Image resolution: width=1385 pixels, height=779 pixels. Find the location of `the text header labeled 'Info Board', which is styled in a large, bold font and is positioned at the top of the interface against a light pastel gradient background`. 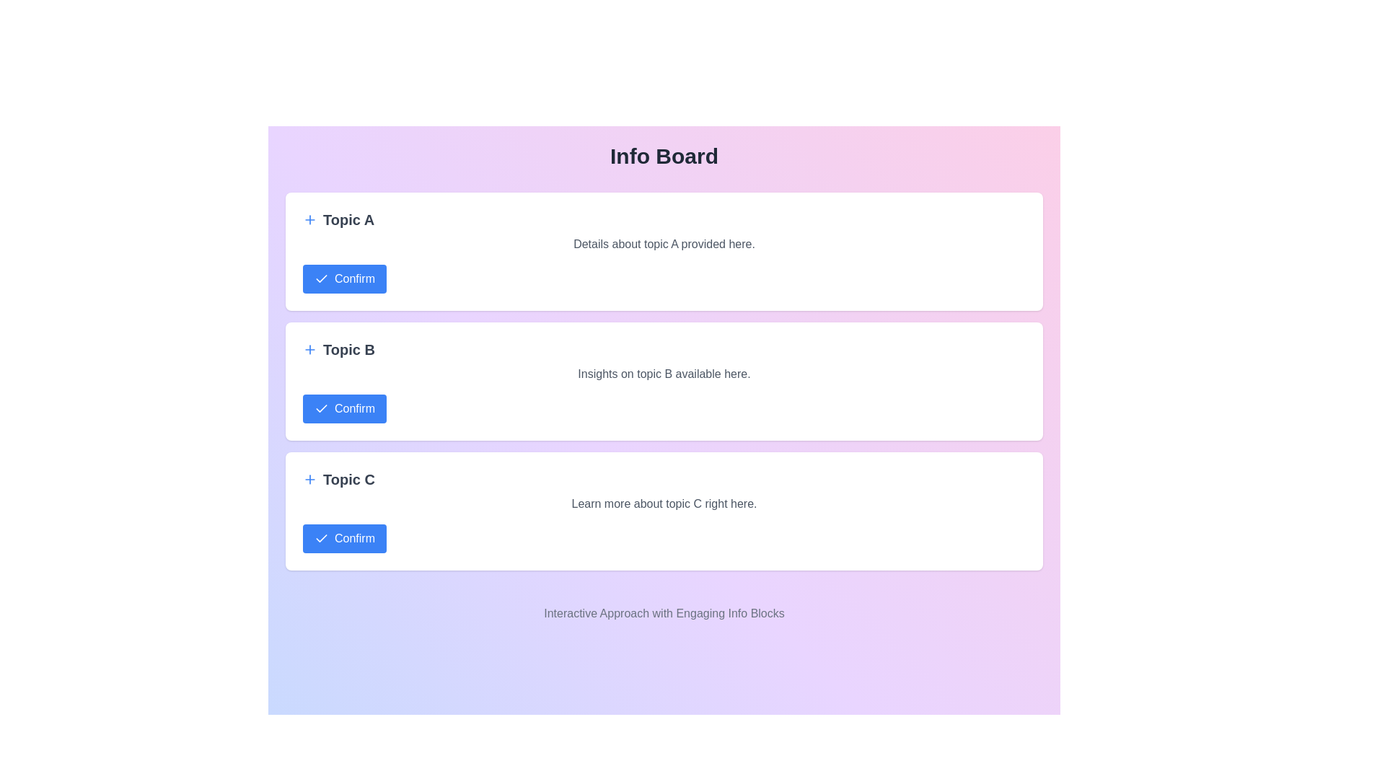

the text header labeled 'Info Board', which is styled in a large, bold font and is positioned at the top of the interface against a light pastel gradient background is located at coordinates (664, 156).